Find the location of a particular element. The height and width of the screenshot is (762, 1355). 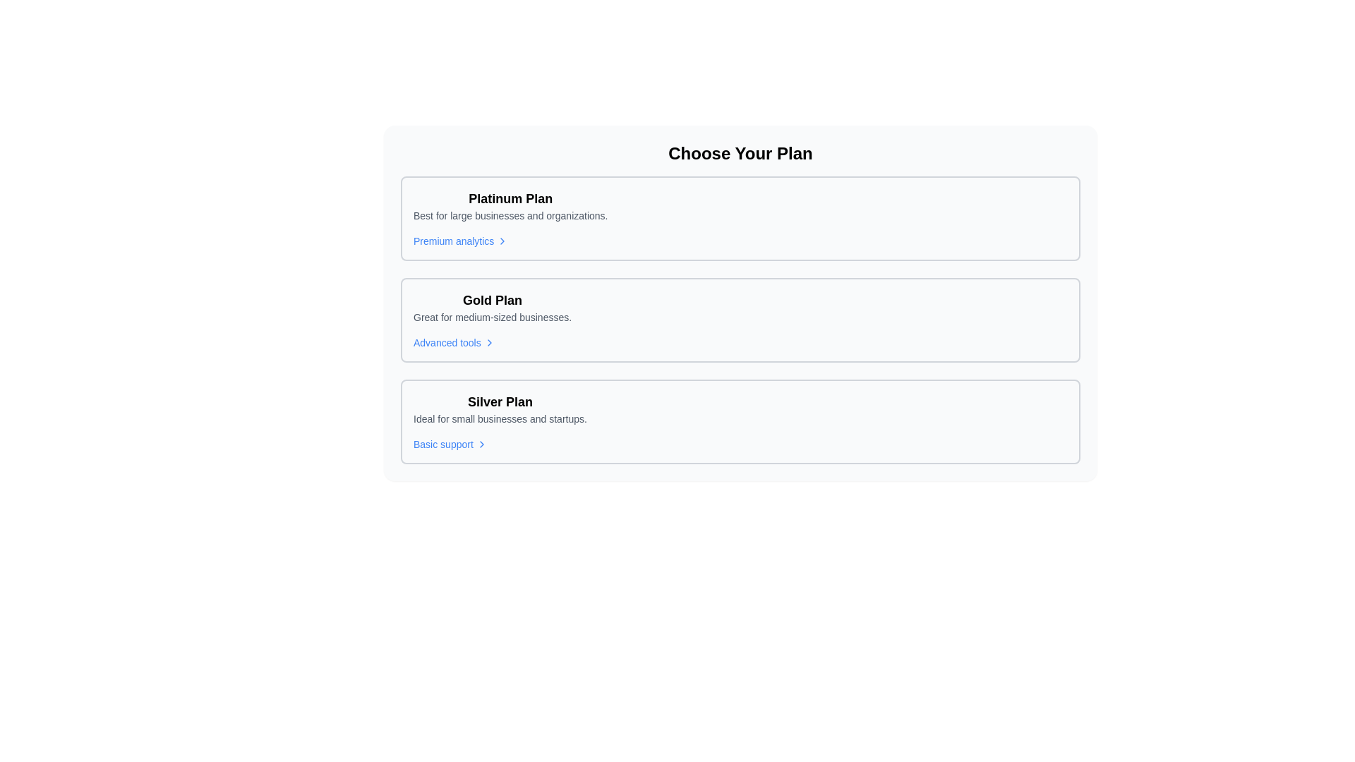

the small chevron arrow icon pointing to the right, located adjacent to the text 'Advanced tools' in the 'Gold Plan' section is located at coordinates (489, 343).